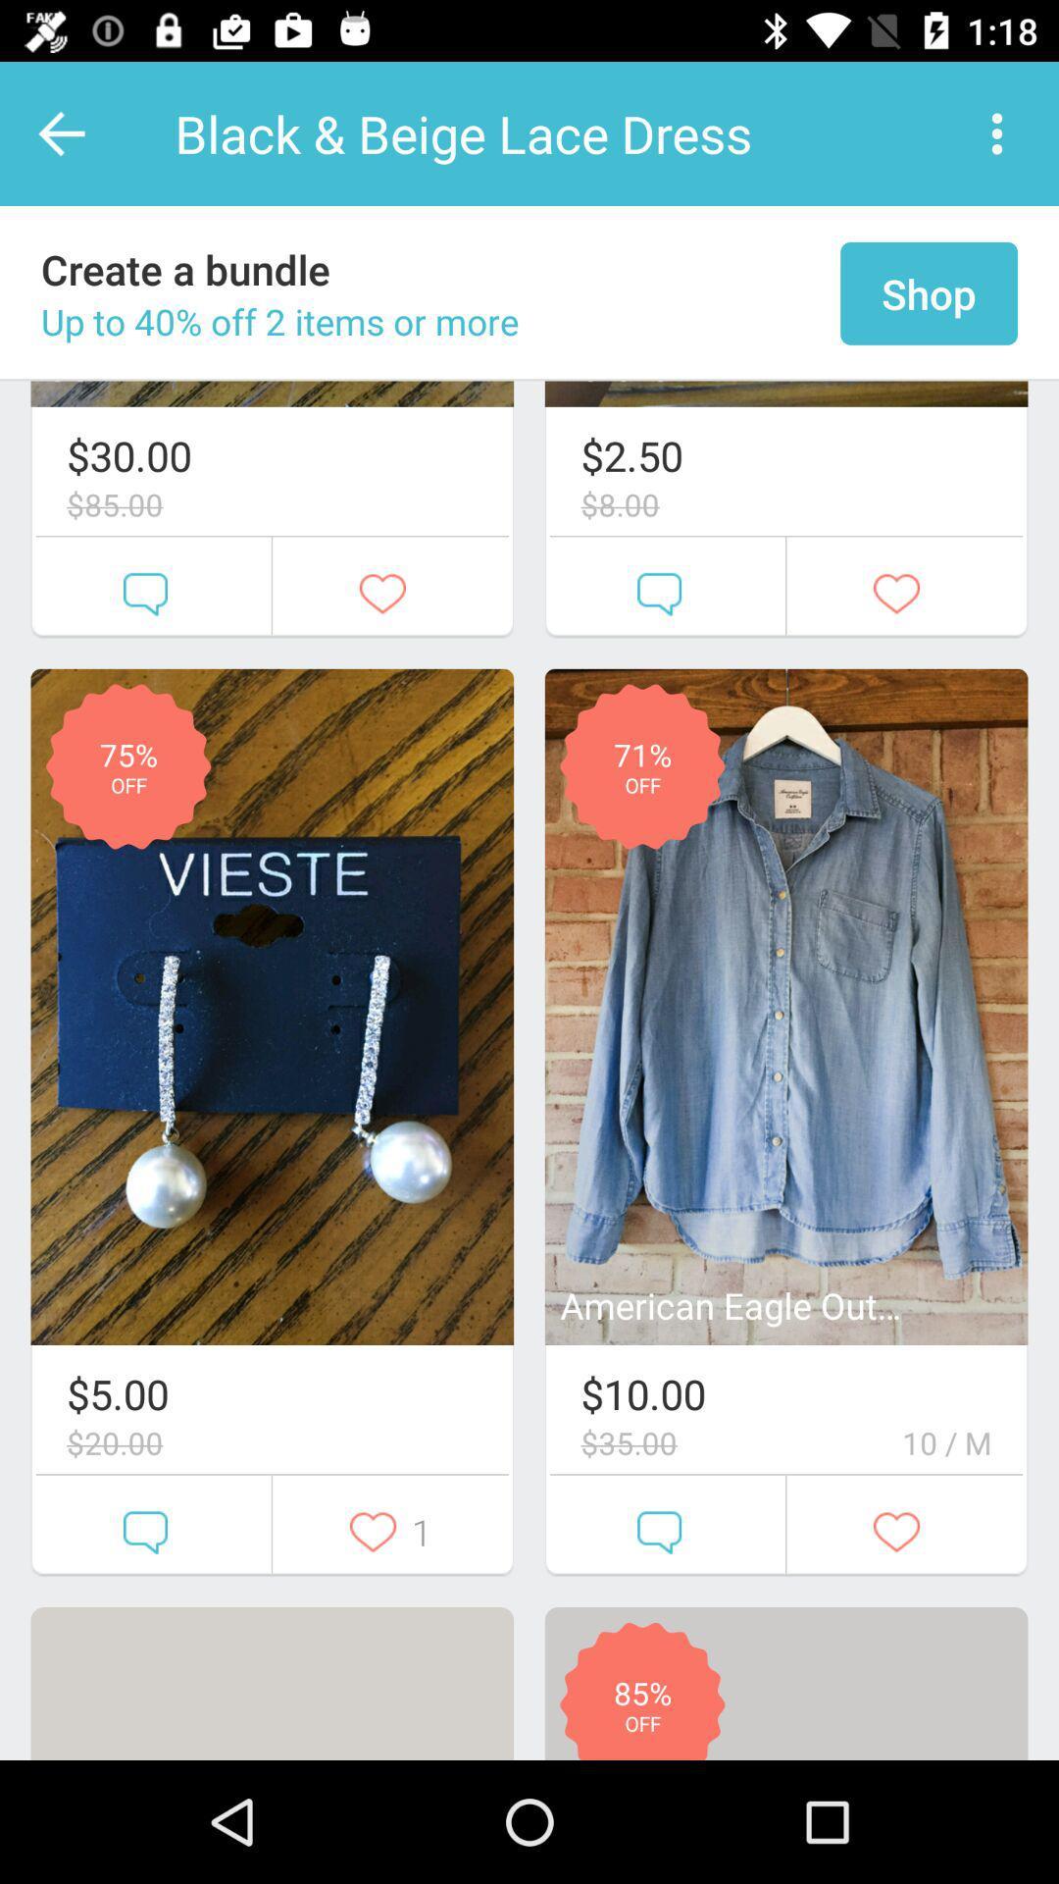 Image resolution: width=1059 pixels, height=1884 pixels. What do you see at coordinates (928, 292) in the screenshot?
I see `the shop button` at bounding box center [928, 292].